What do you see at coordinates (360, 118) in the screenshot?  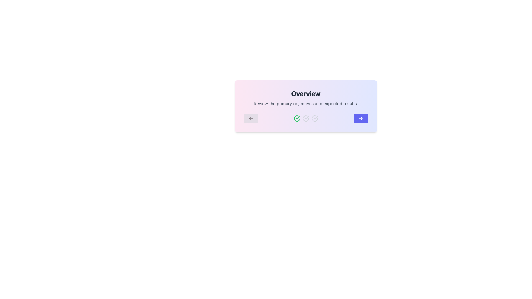 I see `the forward action icon located within the purple button at the bottom-right section of the 'Overview' dialog` at bounding box center [360, 118].